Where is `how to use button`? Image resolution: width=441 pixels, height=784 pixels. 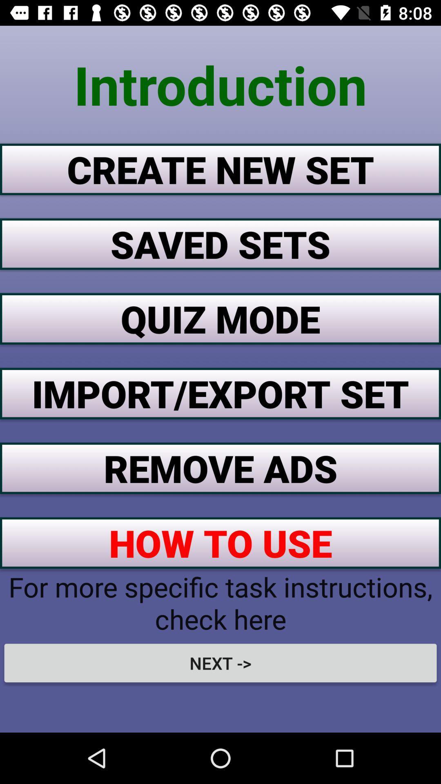 how to use button is located at coordinates (220, 543).